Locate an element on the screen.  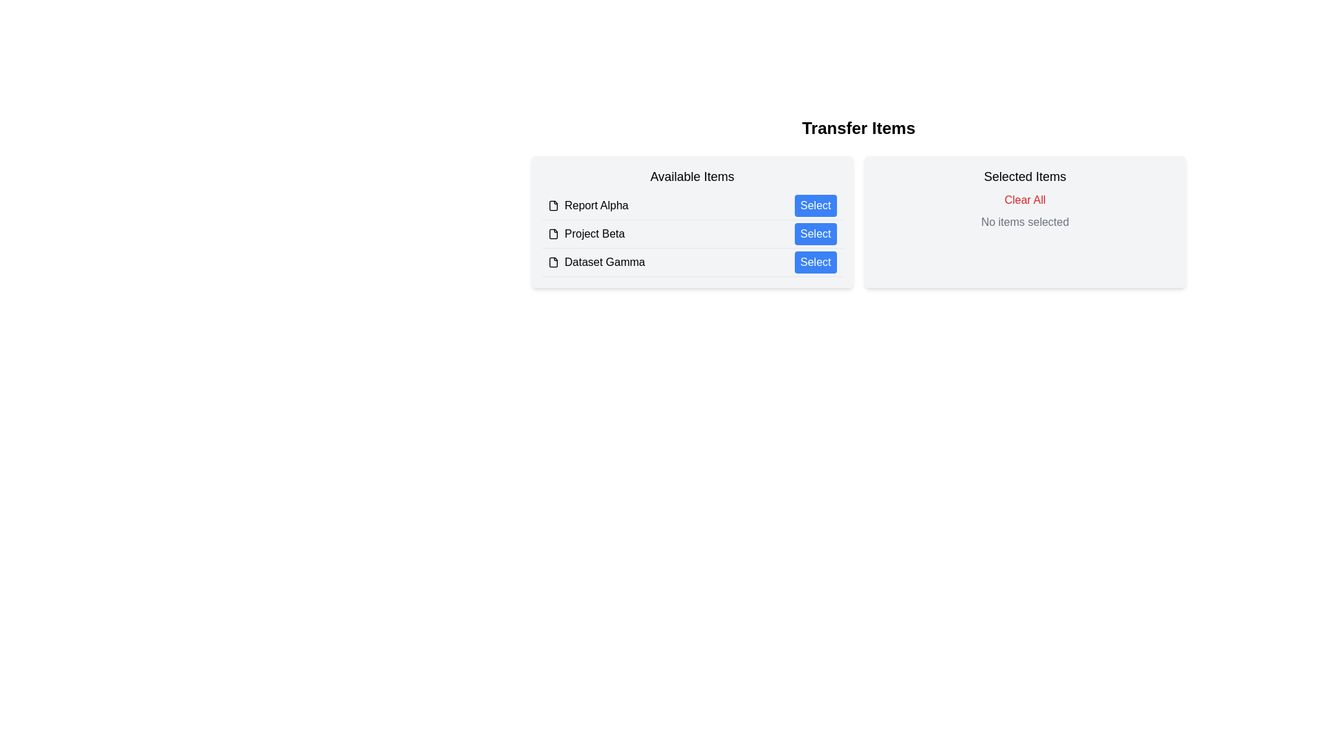
the button labeled 'Select' with a blue background and white text, located in the 'Available Items' section of 'Project Beta' is located at coordinates (816, 233).